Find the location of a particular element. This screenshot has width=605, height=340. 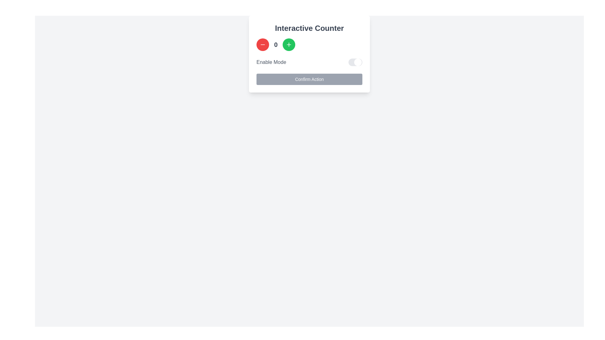

the 'Interactive Counter' heading text is located at coordinates (309, 28).